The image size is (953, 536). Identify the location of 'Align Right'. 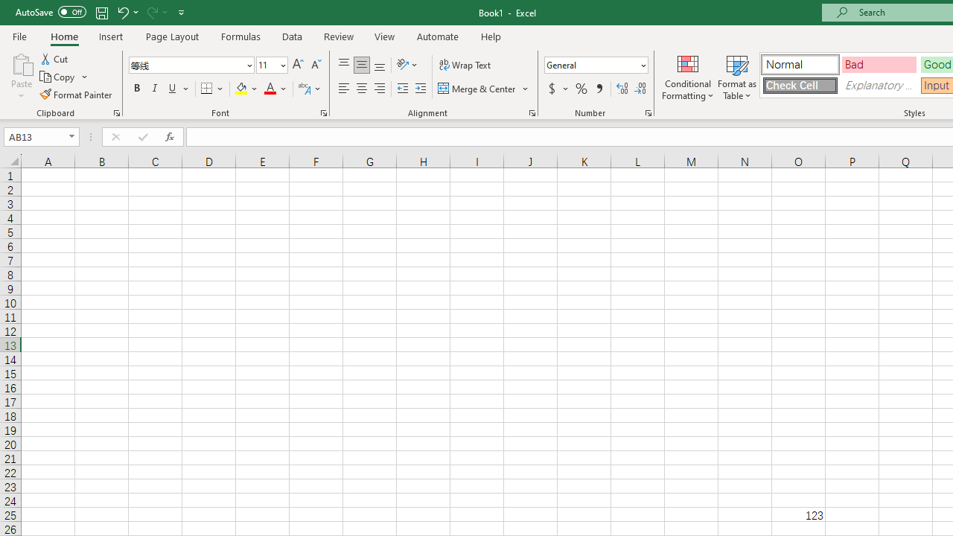
(380, 89).